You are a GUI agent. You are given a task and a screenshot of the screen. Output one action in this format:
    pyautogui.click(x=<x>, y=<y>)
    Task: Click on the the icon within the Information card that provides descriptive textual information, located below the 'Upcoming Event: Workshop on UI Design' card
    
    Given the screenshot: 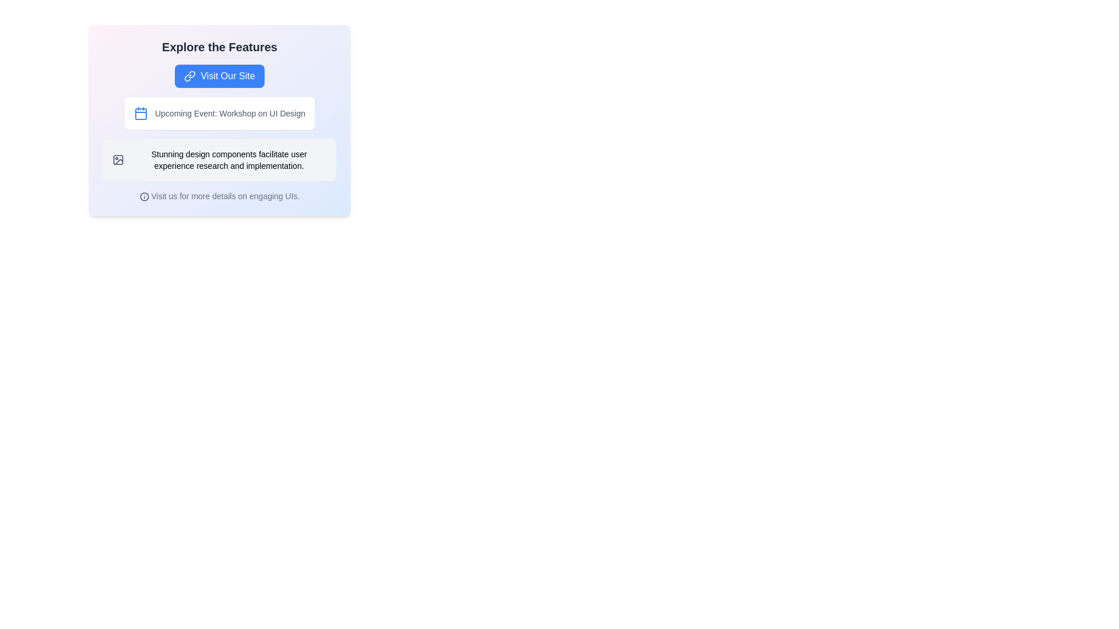 What is the action you would take?
    pyautogui.click(x=220, y=160)
    